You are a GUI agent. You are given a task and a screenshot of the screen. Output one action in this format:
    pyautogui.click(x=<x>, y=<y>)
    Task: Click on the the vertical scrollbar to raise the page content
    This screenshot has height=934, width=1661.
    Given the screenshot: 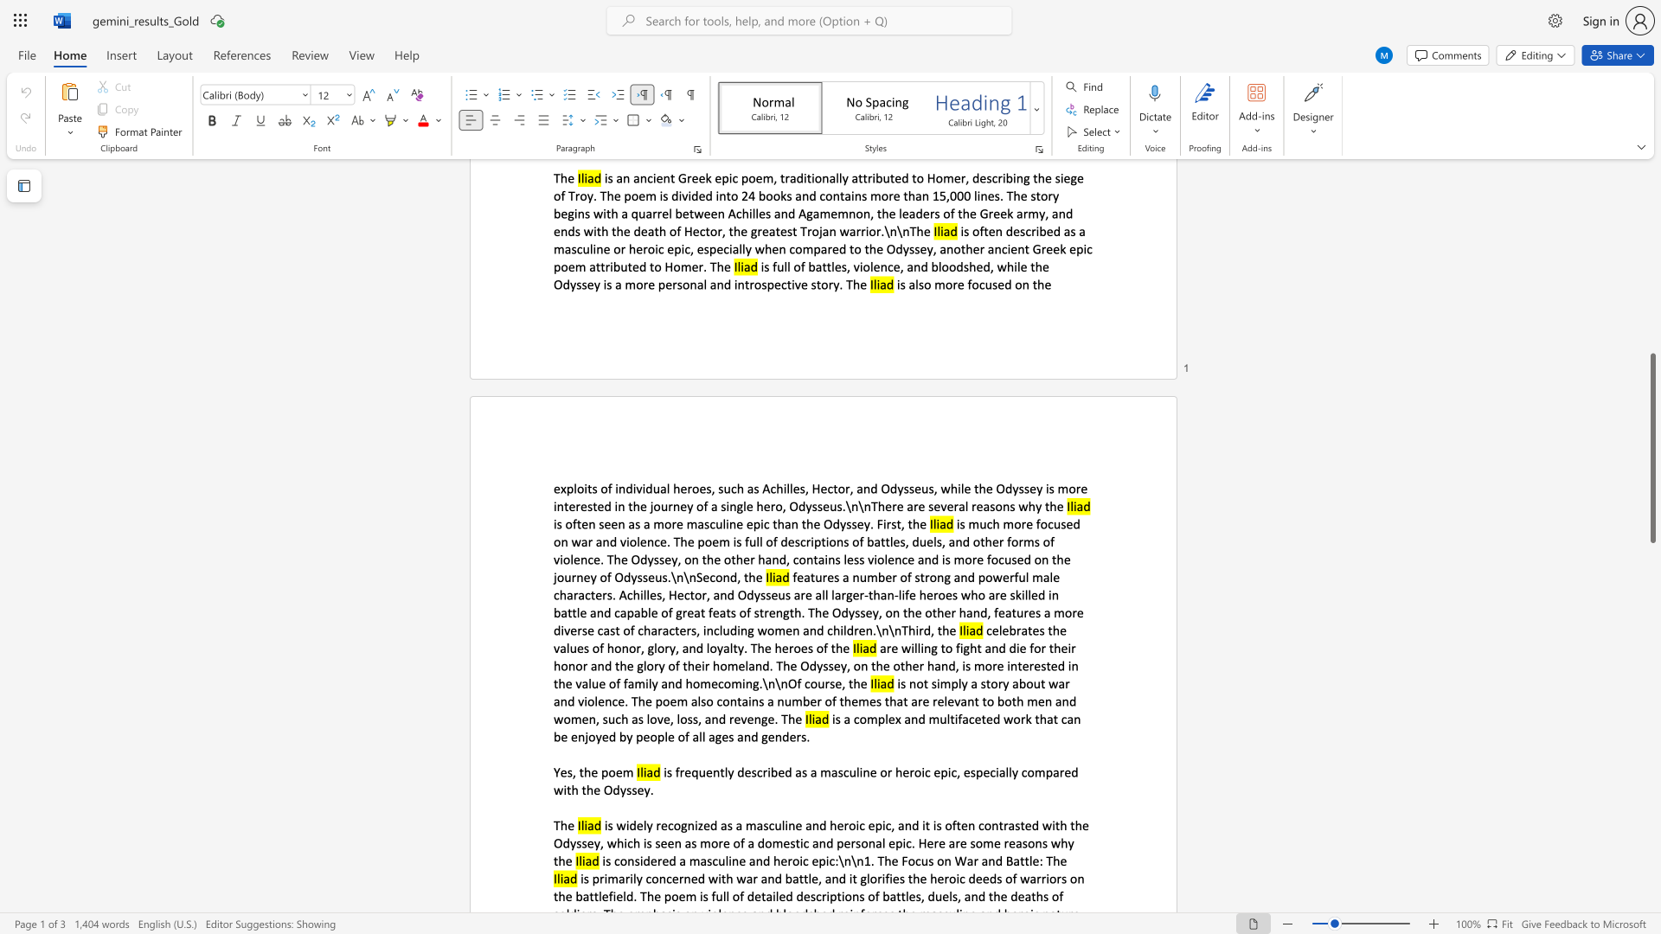 What is the action you would take?
    pyautogui.click(x=1651, y=302)
    